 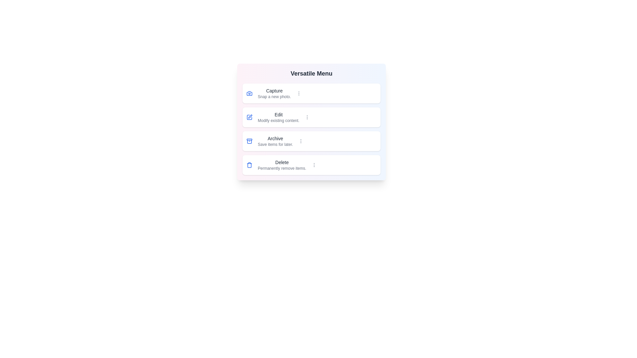 I want to click on the menu item corresponding to Edit, so click(x=311, y=117).